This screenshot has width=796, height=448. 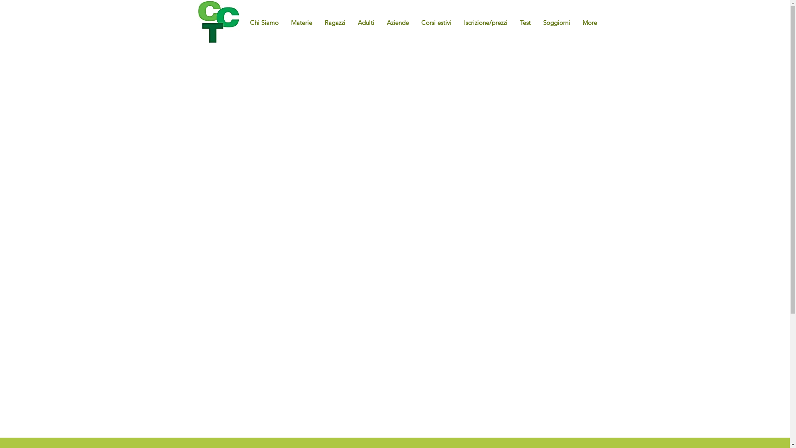 I want to click on 'Ragazzi', so click(x=296, y=19).